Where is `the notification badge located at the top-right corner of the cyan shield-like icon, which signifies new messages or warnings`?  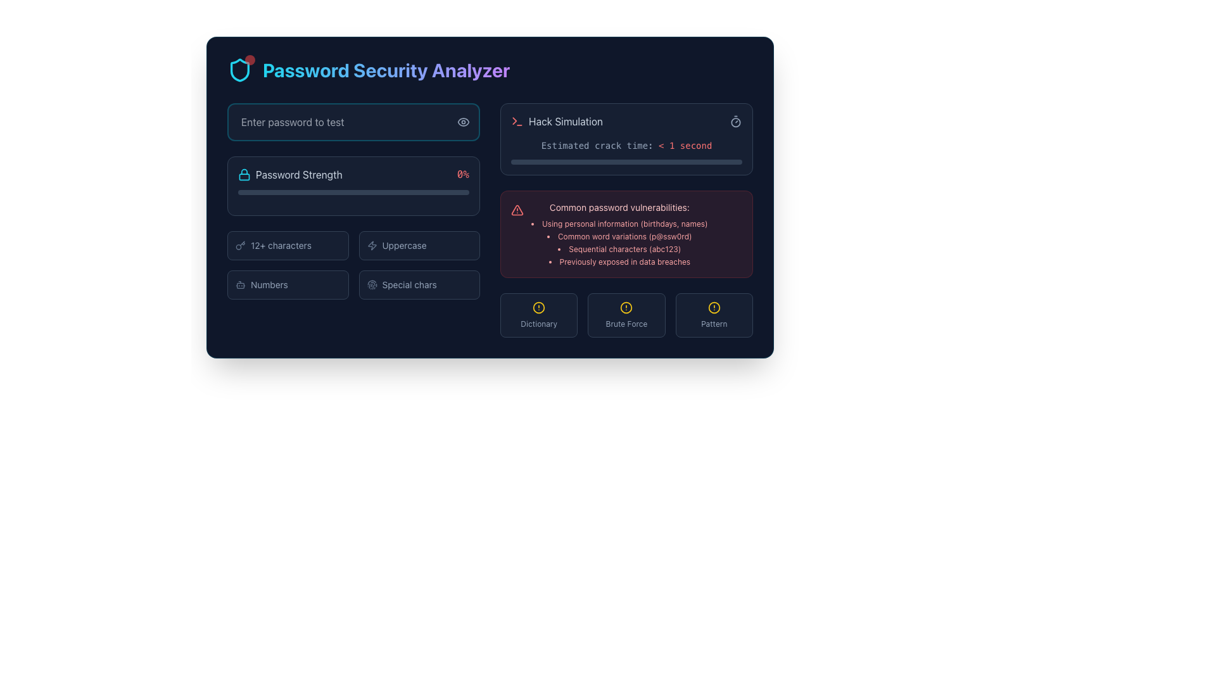 the notification badge located at the top-right corner of the cyan shield-like icon, which signifies new messages or warnings is located at coordinates (250, 60).